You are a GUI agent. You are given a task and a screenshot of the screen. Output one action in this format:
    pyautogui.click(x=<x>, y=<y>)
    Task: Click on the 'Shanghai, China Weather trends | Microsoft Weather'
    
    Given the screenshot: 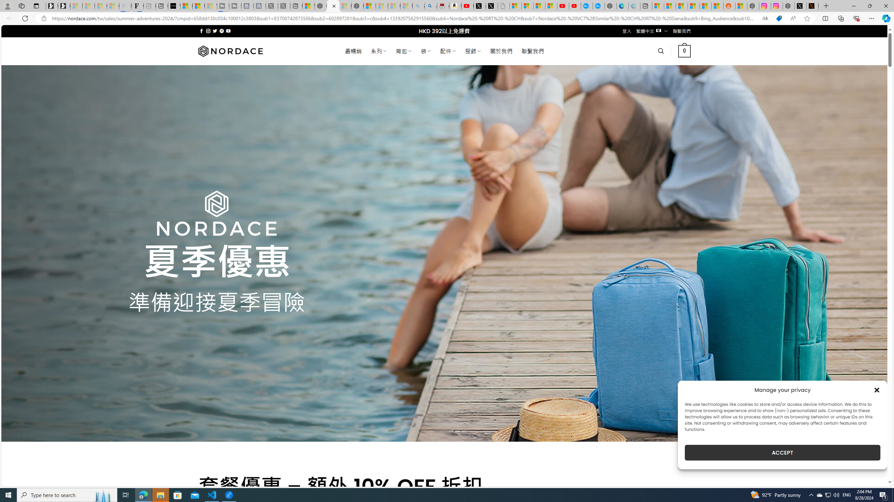 What is the action you would take?
    pyautogui.click(x=717, y=6)
    